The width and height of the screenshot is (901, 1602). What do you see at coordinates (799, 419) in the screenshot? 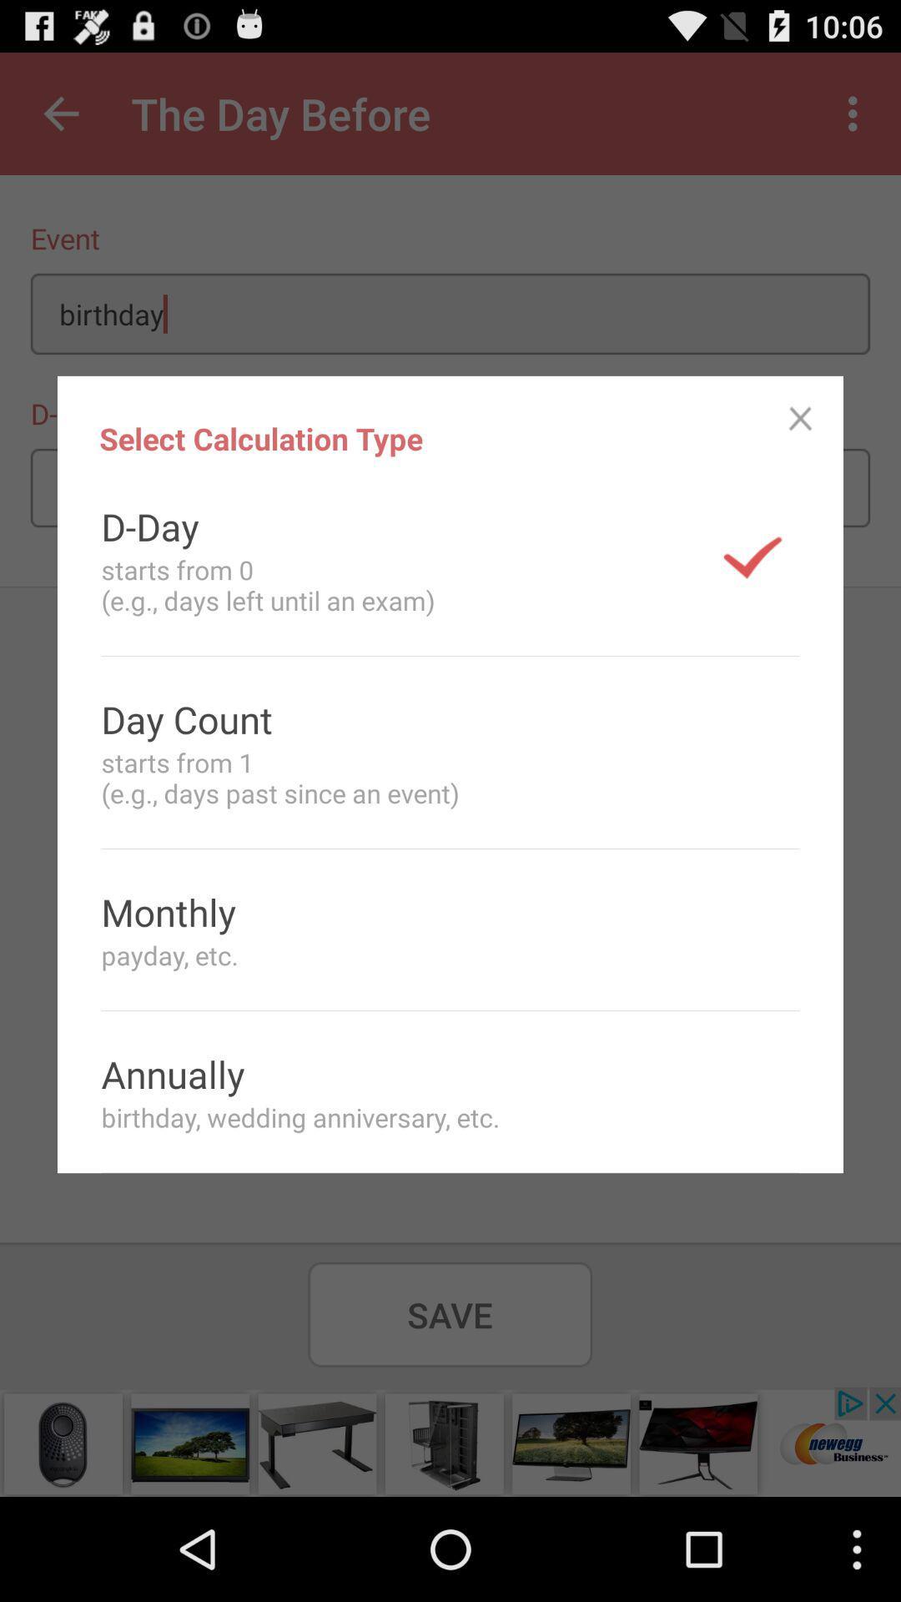
I see `the icon to the right of select calculation type item` at bounding box center [799, 419].